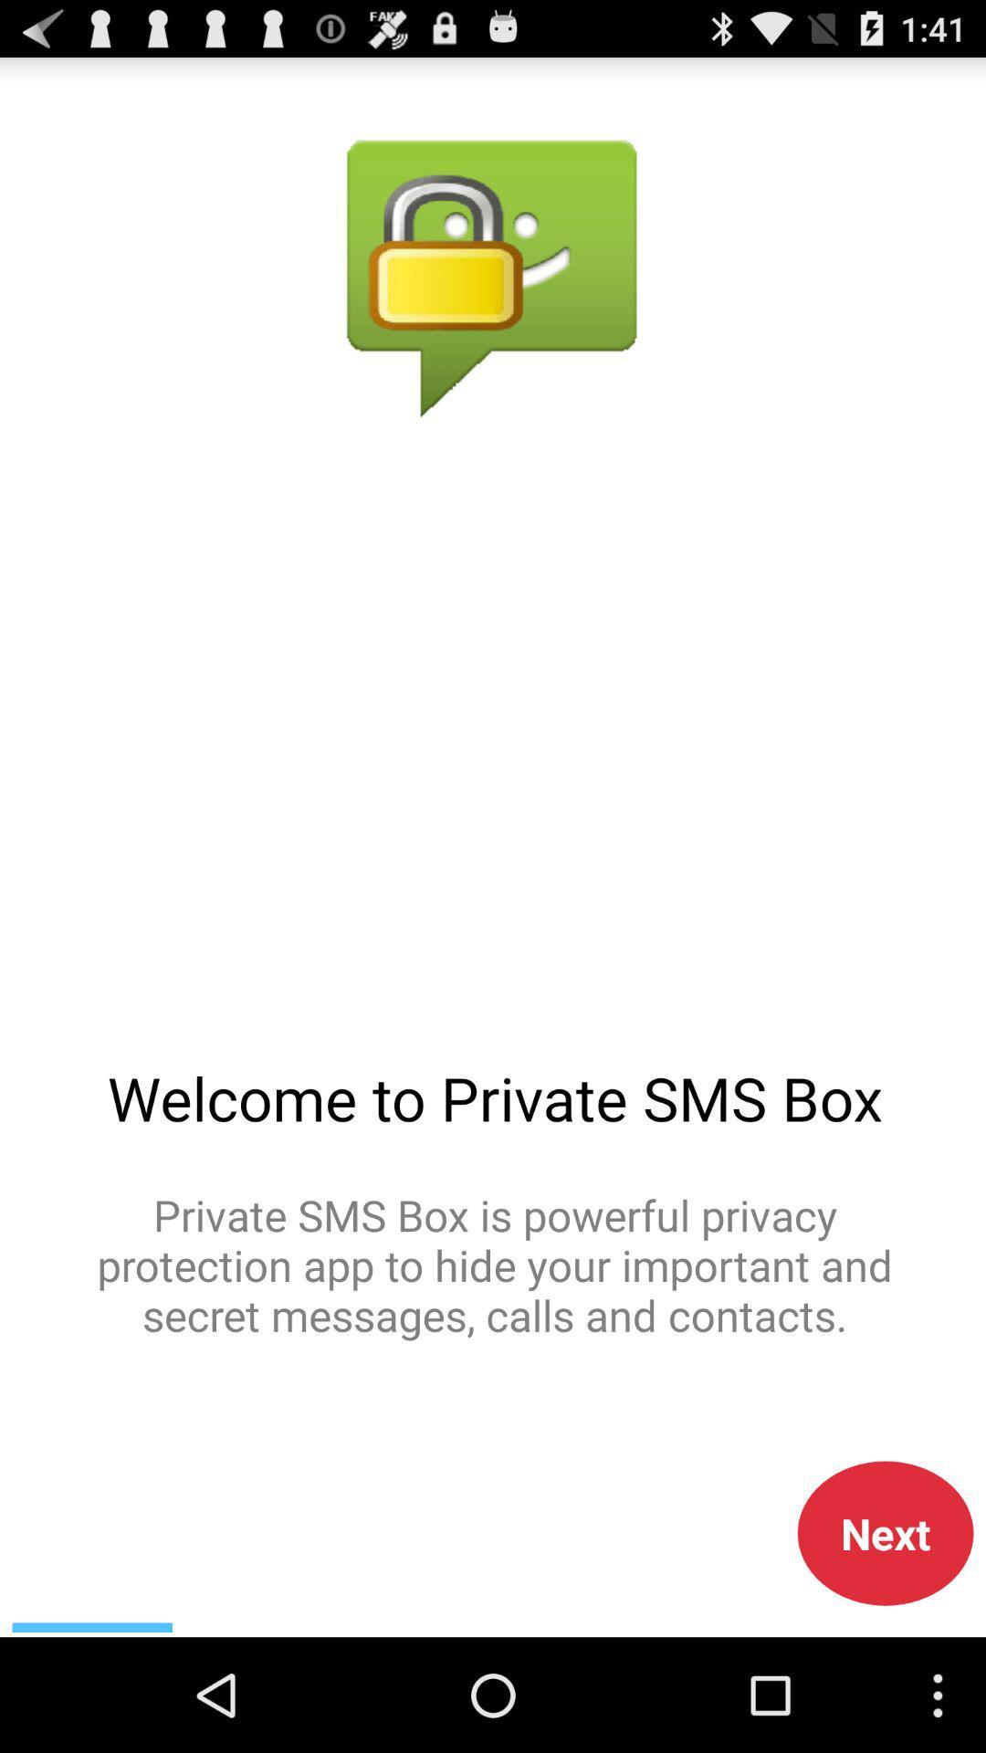 Image resolution: width=986 pixels, height=1753 pixels. Describe the element at coordinates (885, 1533) in the screenshot. I see `button at the bottom right corner` at that location.